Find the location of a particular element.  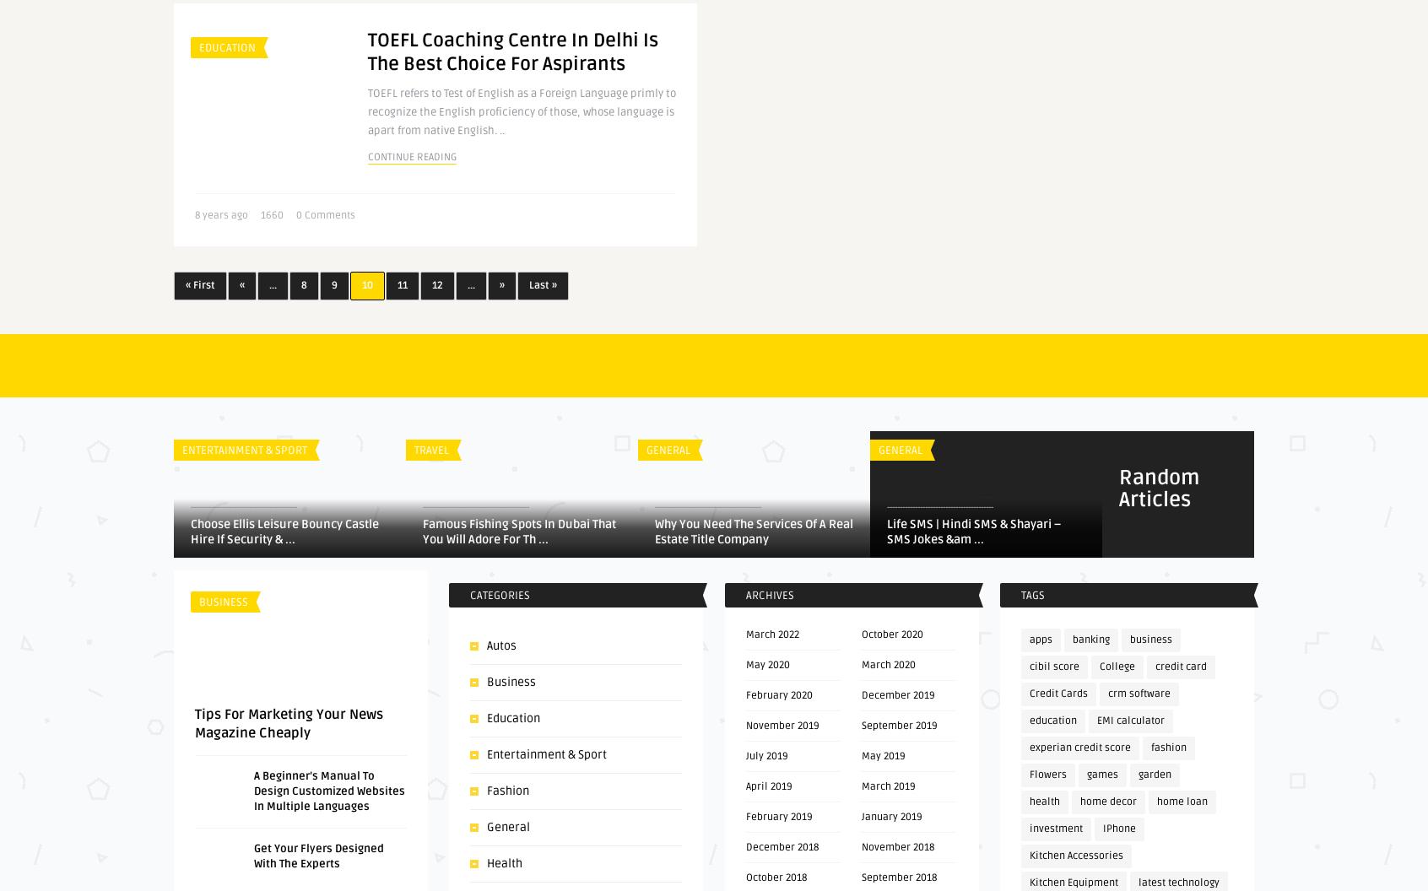

'March 2020' is located at coordinates (886, 664).